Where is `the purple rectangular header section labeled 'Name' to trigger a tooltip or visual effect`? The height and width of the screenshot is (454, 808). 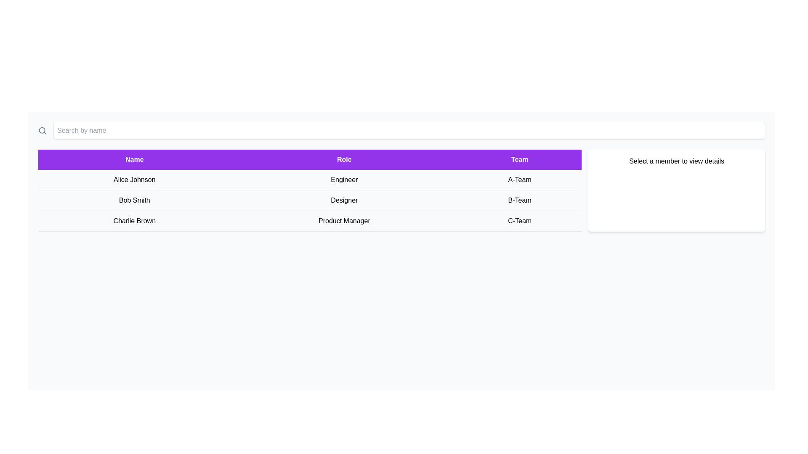
the purple rectangular header section labeled 'Name' to trigger a tooltip or visual effect is located at coordinates (134, 160).